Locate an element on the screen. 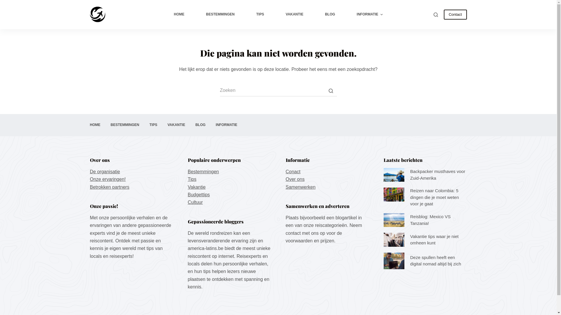 The height and width of the screenshot is (315, 561). 'Zoek naar...' is located at coordinates (219, 91).